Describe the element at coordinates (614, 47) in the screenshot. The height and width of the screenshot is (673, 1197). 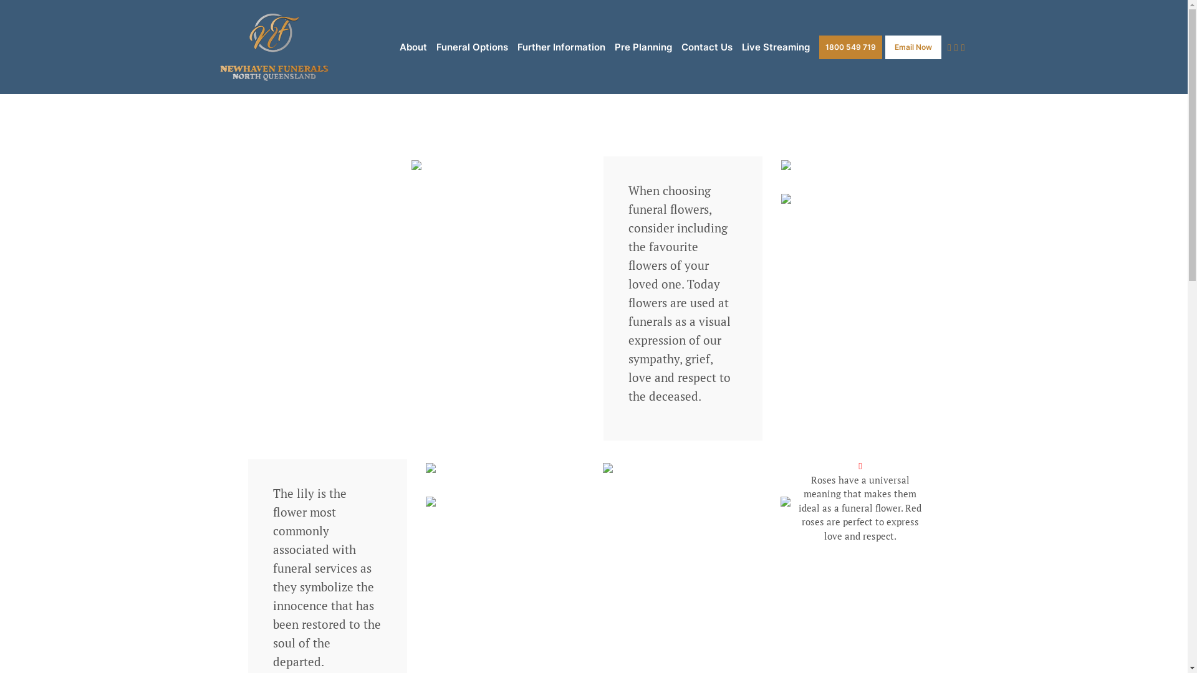
I see `'Pre Planning'` at that location.